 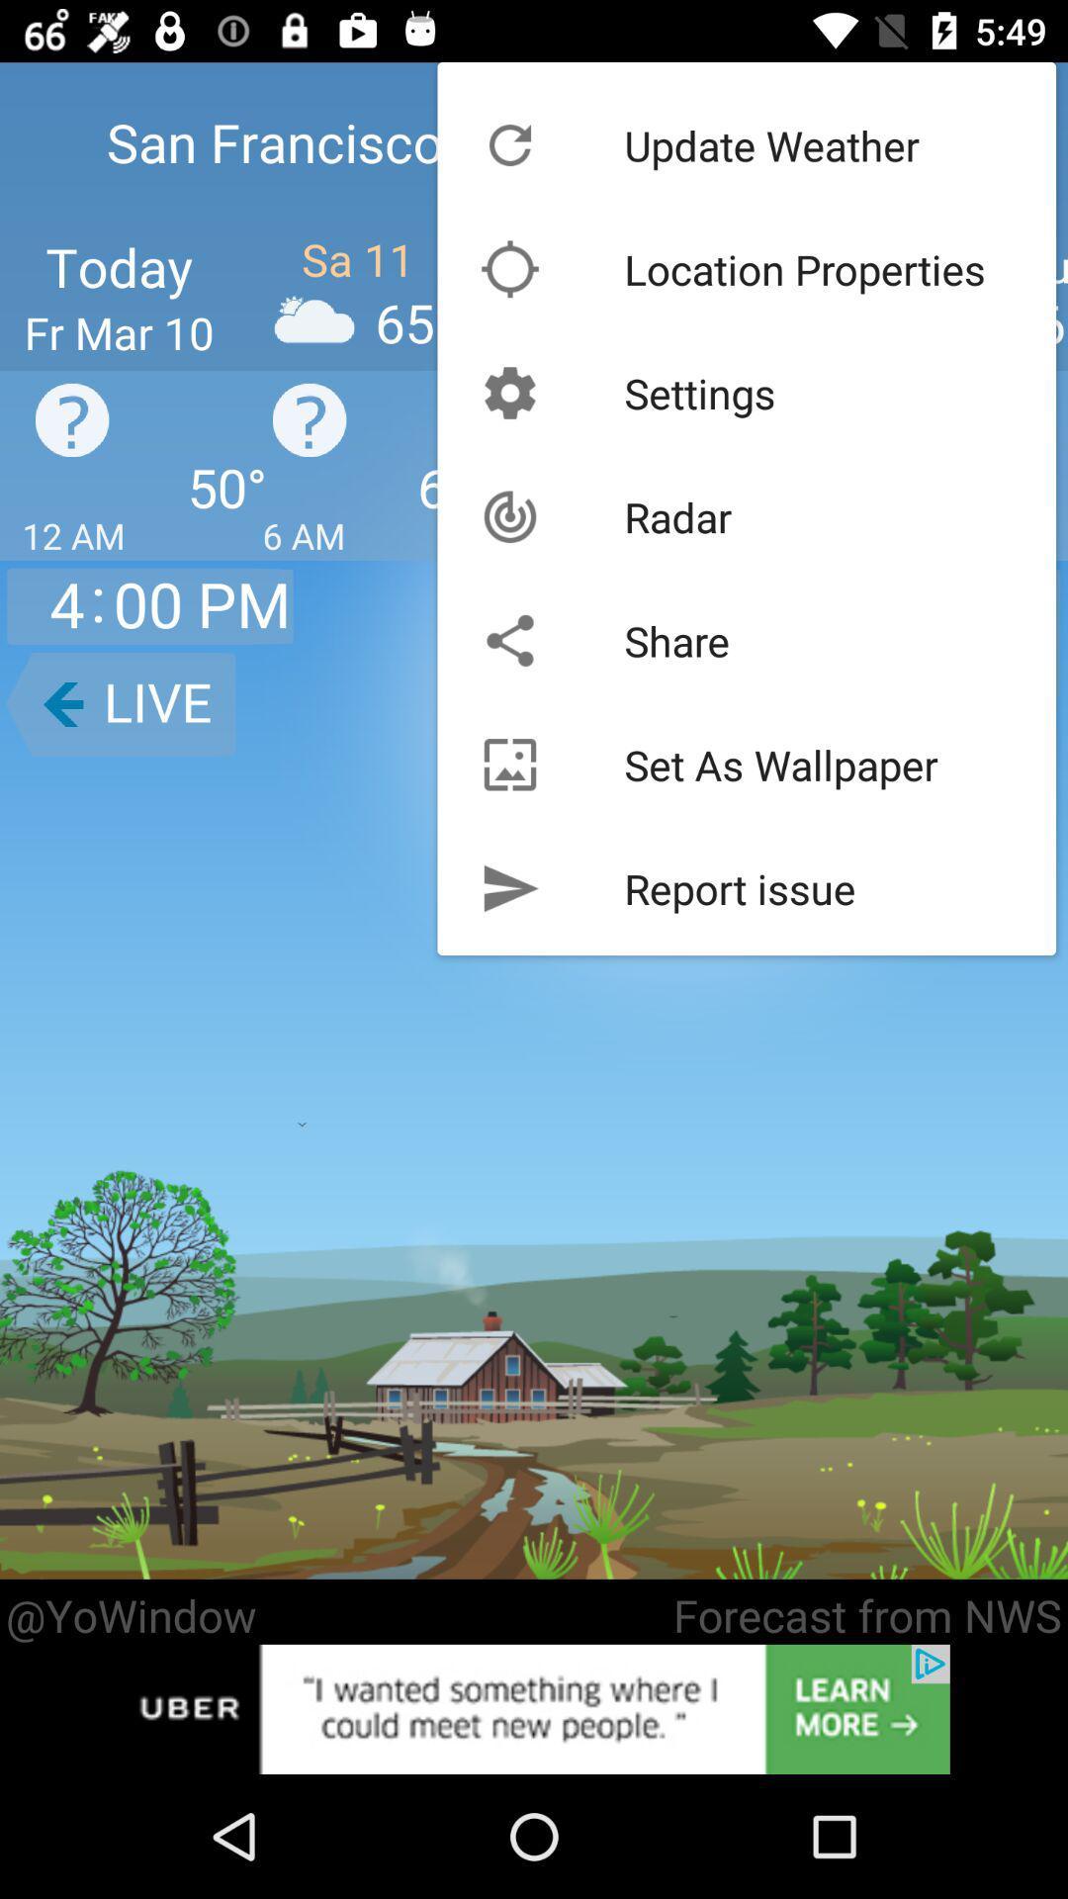 What do you see at coordinates (780, 764) in the screenshot?
I see `the item below share` at bounding box center [780, 764].